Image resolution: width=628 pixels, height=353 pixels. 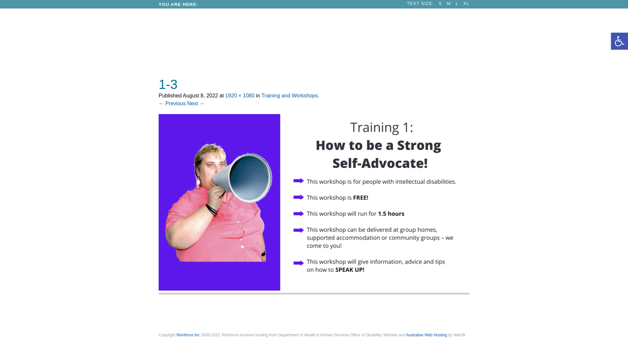 What do you see at coordinates (289, 95) in the screenshot?
I see `'Training and Workshops'` at bounding box center [289, 95].